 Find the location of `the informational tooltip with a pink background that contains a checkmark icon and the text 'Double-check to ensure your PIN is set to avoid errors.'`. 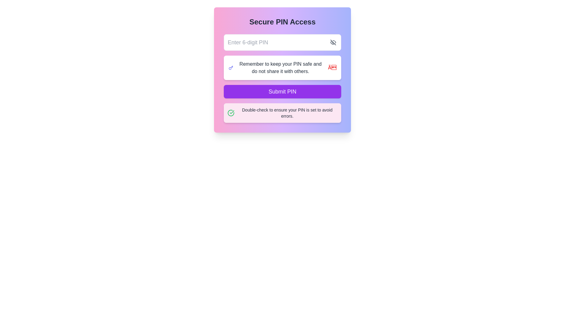

the informational tooltip with a pink background that contains a checkmark icon and the text 'Double-check to ensure your PIN is set to avoid errors.' is located at coordinates (282, 113).